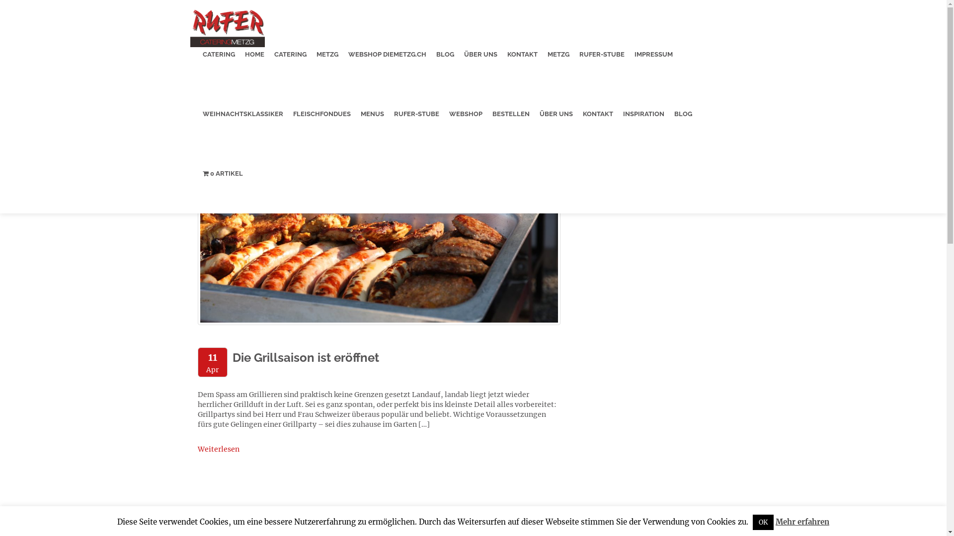 Image resolution: width=954 pixels, height=536 pixels. I want to click on 'FLEISCHFONDUES', so click(322, 114).